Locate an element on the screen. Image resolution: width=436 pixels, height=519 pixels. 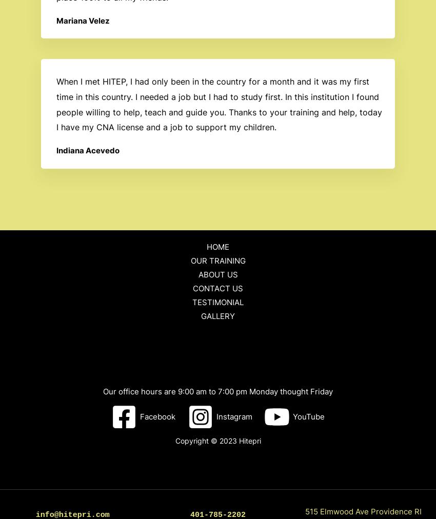
'CONTACT US' is located at coordinates (218, 287).